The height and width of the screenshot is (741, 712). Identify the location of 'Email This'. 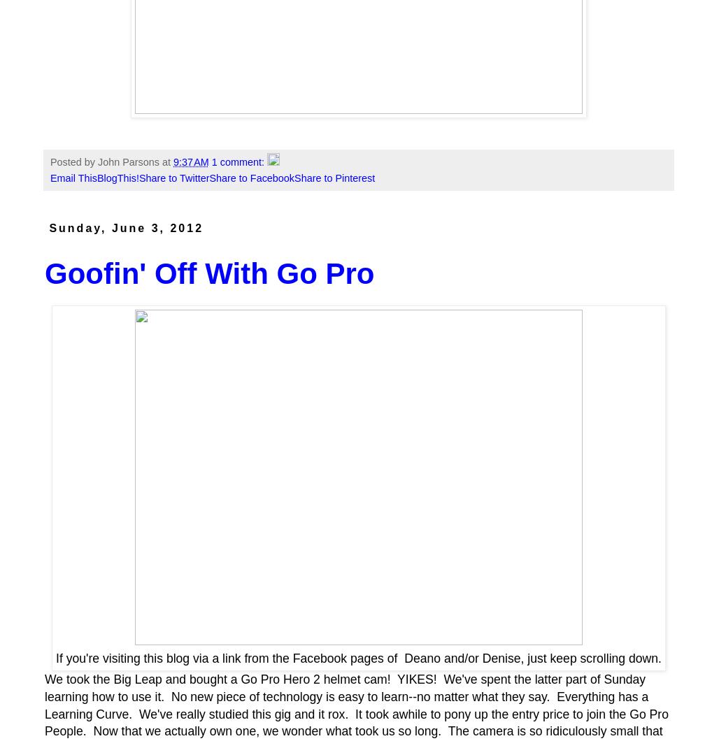
(72, 178).